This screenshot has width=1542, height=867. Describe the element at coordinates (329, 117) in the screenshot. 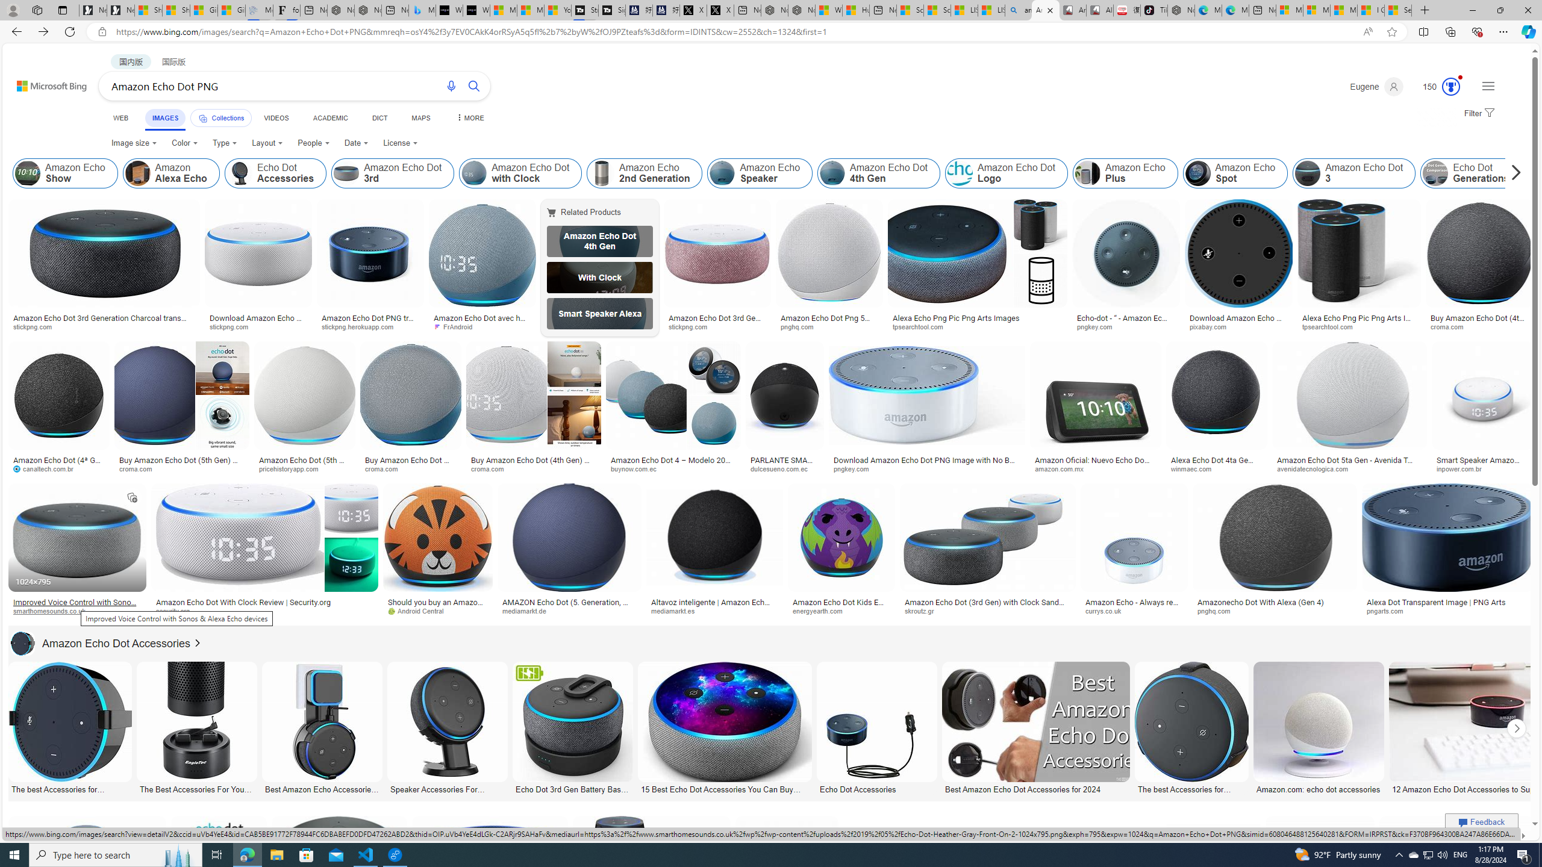

I see `'ACADEMIC'` at that location.